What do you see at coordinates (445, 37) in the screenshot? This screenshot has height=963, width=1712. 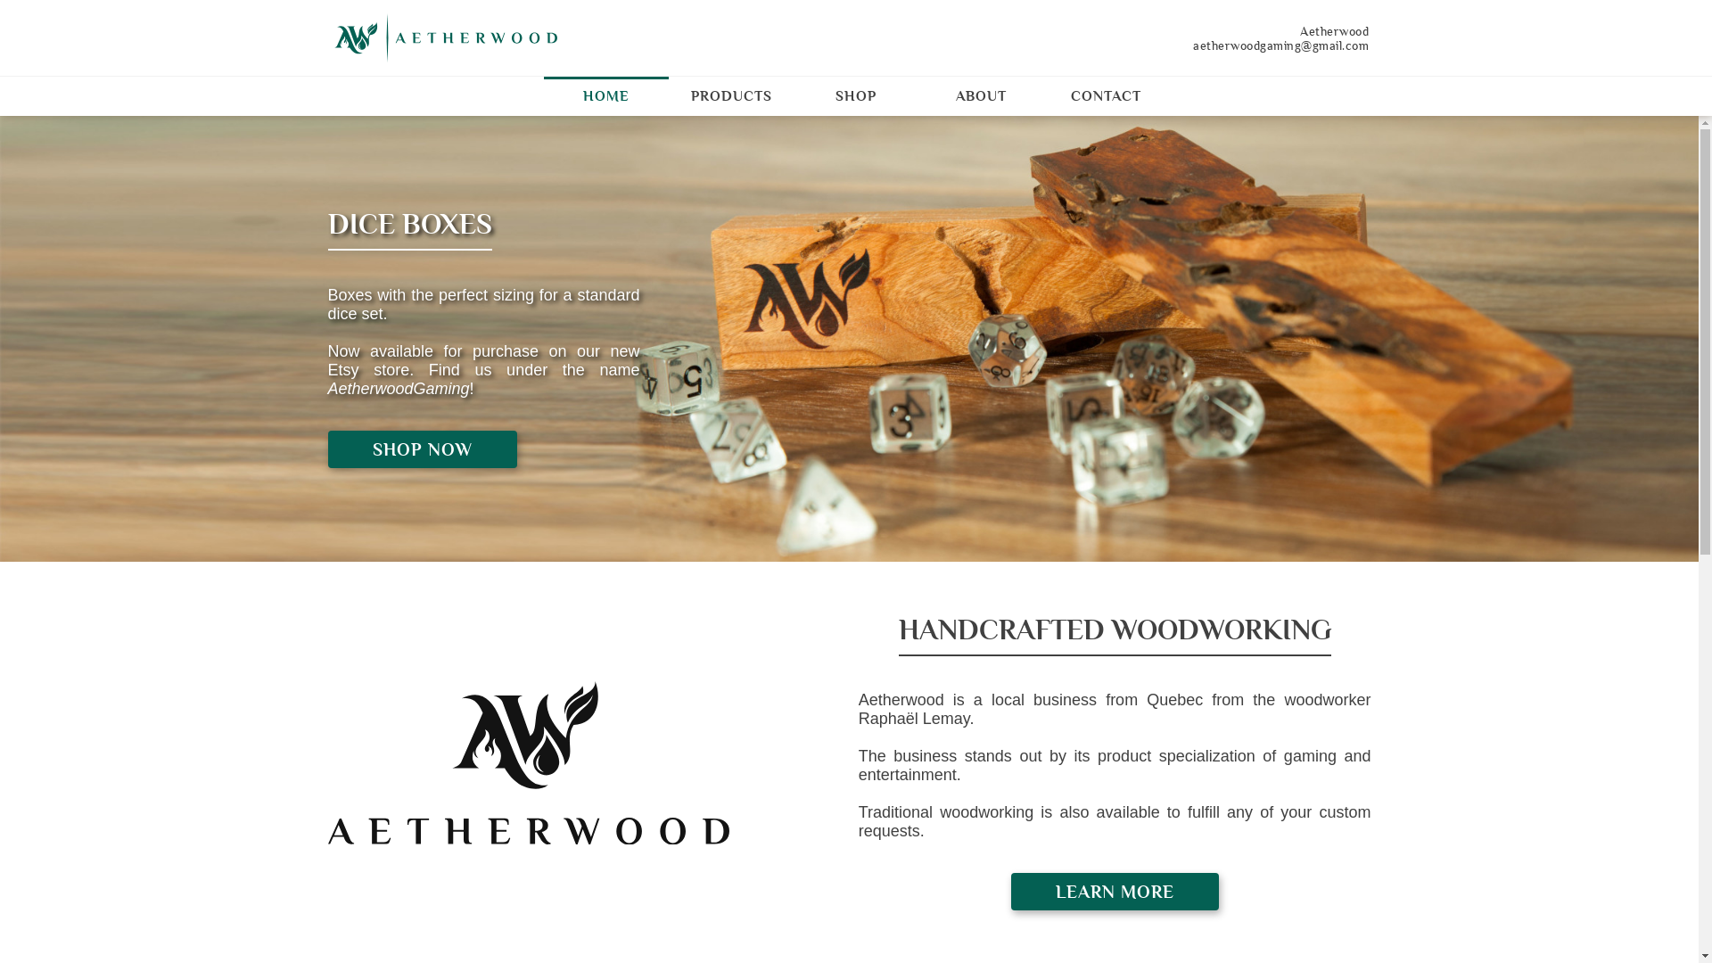 I see `'image/svg+xml'` at bounding box center [445, 37].